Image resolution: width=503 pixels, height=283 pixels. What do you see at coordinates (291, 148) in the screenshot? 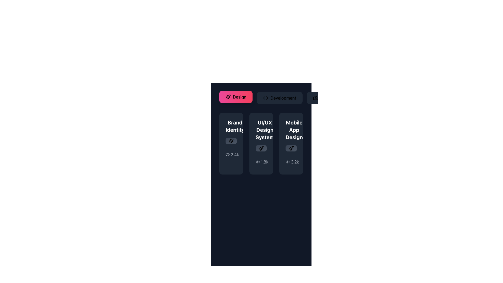
I see `the design-related icon, which is a small rounded rectangle with a gradient background and a black paintbrush-style icon, located in the third segment of the 'Mobile App Design' cards` at bounding box center [291, 148].